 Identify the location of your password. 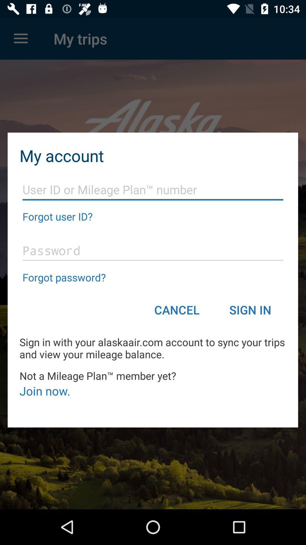
(152, 250).